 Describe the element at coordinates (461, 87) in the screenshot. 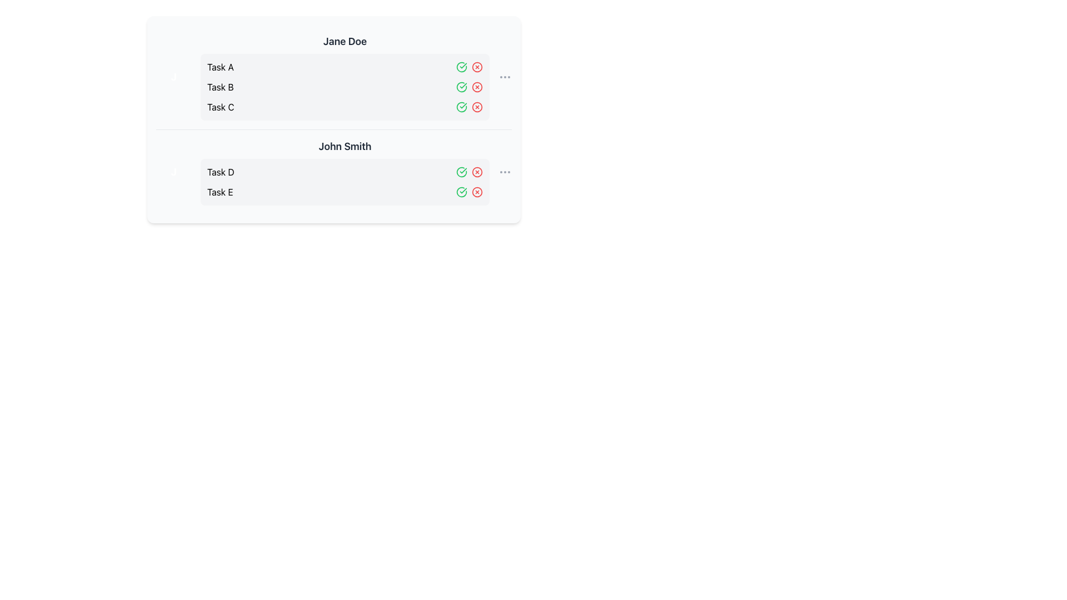

I see `the outer circular shape of the SVG icon indicating the task state for 'Jane Doe' in the right section of the first task row` at that location.